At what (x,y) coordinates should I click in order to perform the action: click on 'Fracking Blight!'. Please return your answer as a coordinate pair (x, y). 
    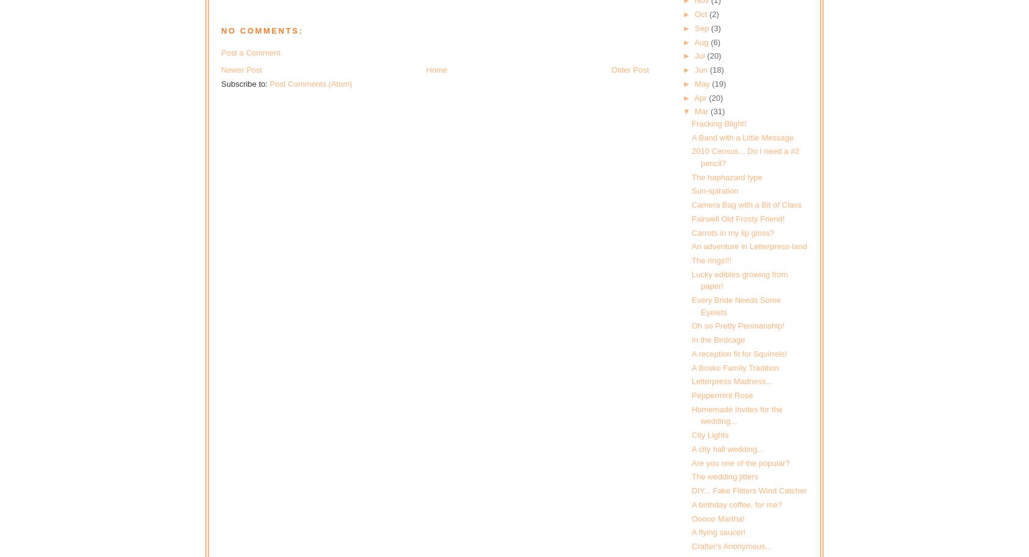
    Looking at the image, I should click on (719, 122).